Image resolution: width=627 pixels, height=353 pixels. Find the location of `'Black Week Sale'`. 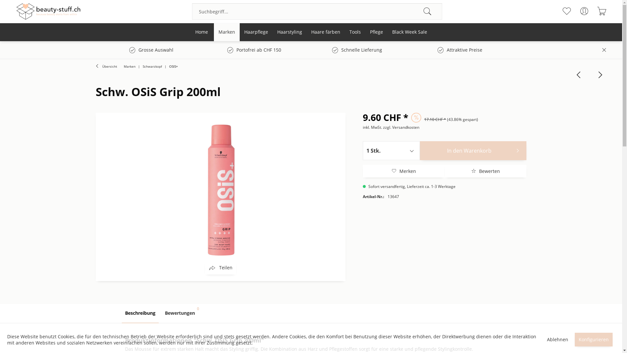

'Black Week Sale' is located at coordinates (409, 32).